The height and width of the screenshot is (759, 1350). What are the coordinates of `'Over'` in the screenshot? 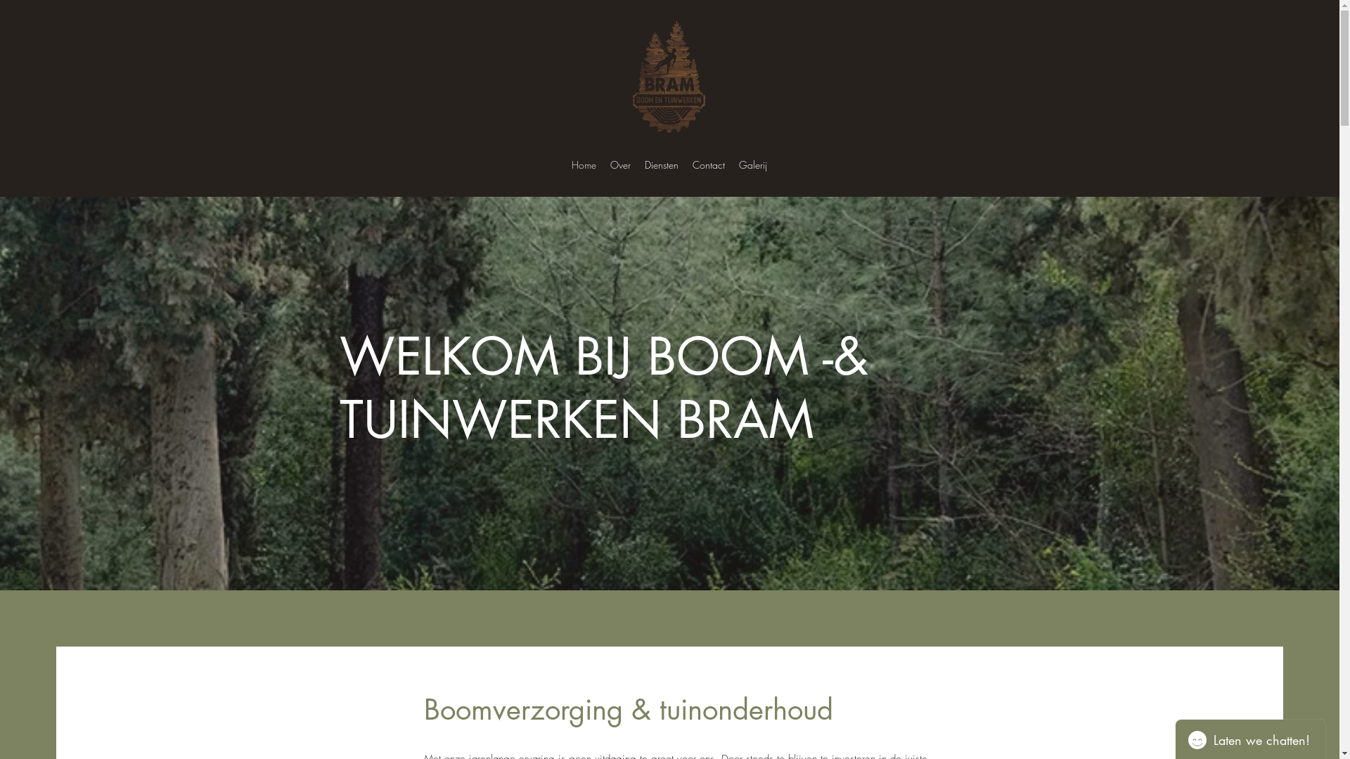 It's located at (603, 164).